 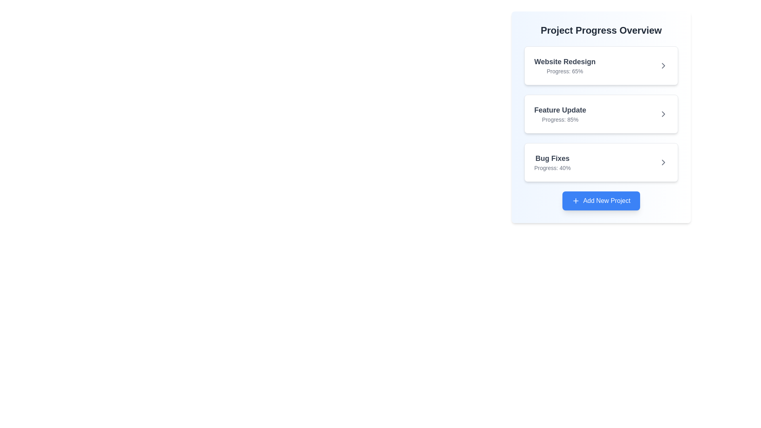 What do you see at coordinates (564, 61) in the screenshot?
I see `the text label displaying 'Website Redesign' in bold dark gray font, located in the upper left corner of the 'Project Progress Overview' panel` at bounding box center [564, 61].